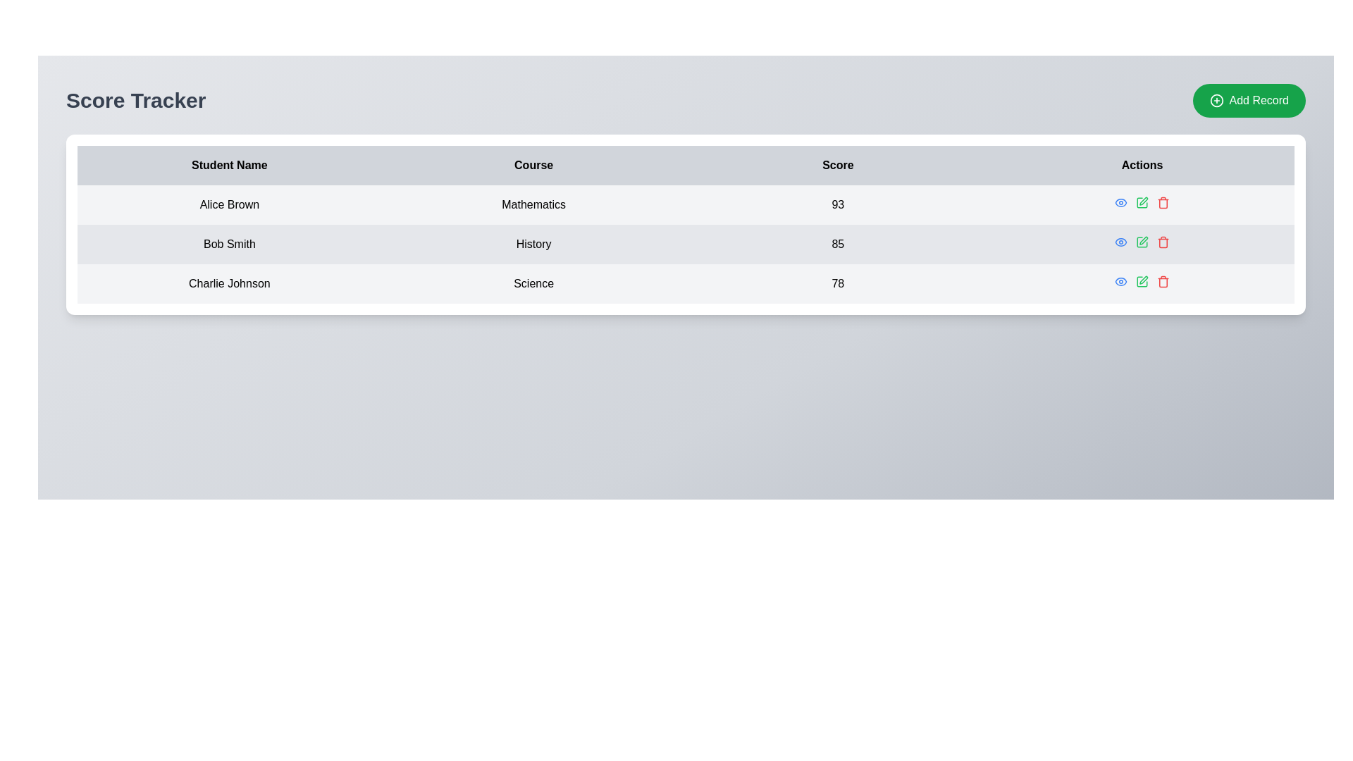  What do you see at coordinates (838, 244) in the screenshot?
I see `the text display showing the number '85' in the 'Score' column for 'Bob Smith'` at bounding box center [838, 244].